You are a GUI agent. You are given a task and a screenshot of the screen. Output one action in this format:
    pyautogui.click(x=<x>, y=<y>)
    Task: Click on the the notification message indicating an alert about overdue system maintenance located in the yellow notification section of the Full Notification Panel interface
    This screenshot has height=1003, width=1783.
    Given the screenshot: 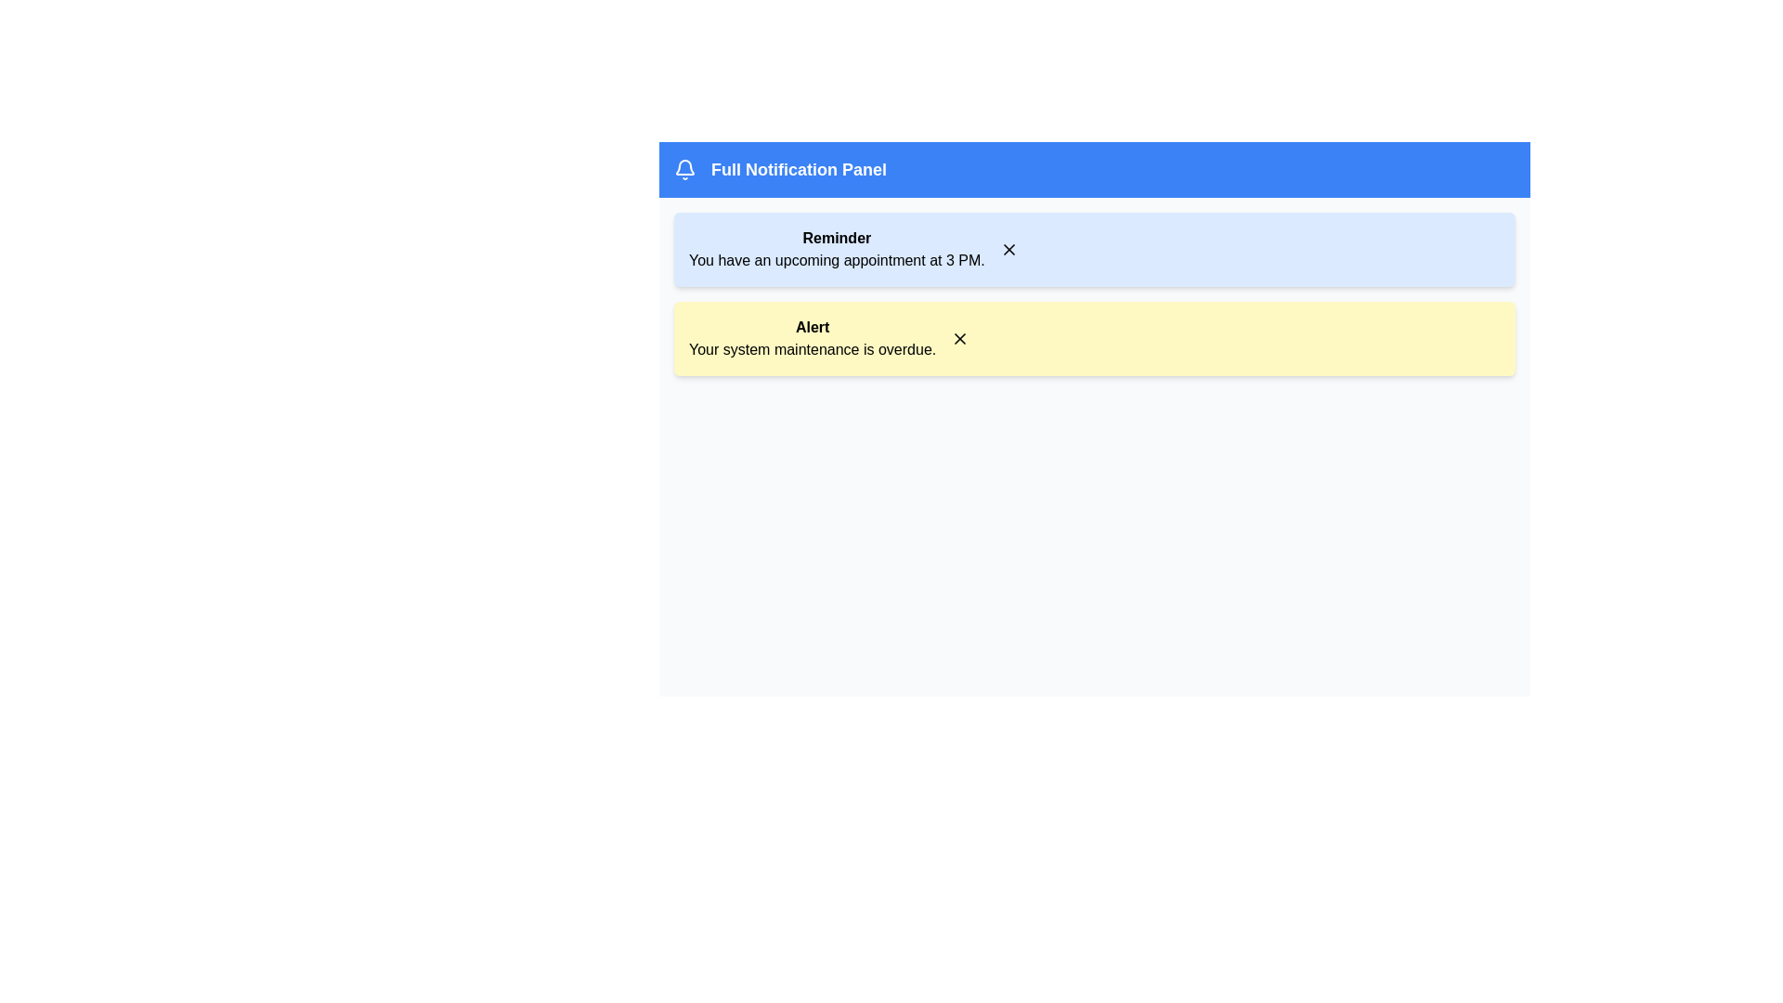 What is the action you would take?
    pyautogui.click(x=813, y=339)
    